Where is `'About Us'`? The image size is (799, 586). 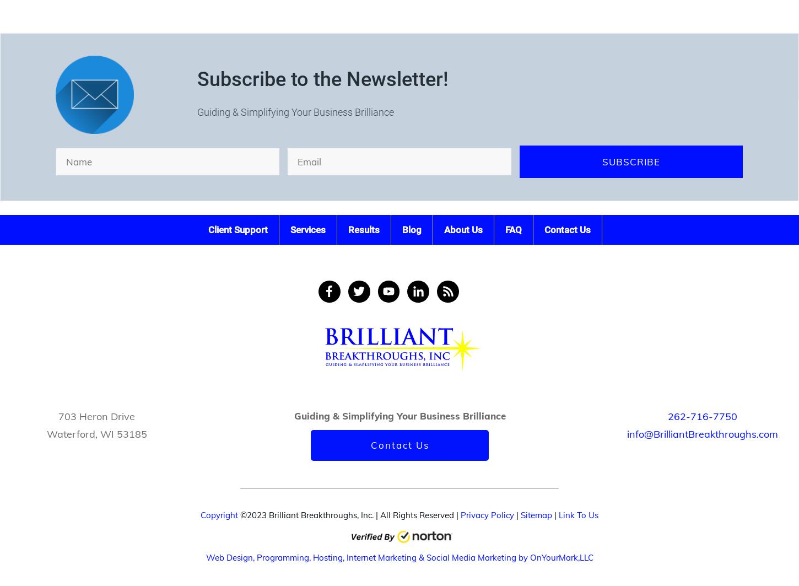
'About Us' is located at coordinates (444, 229).